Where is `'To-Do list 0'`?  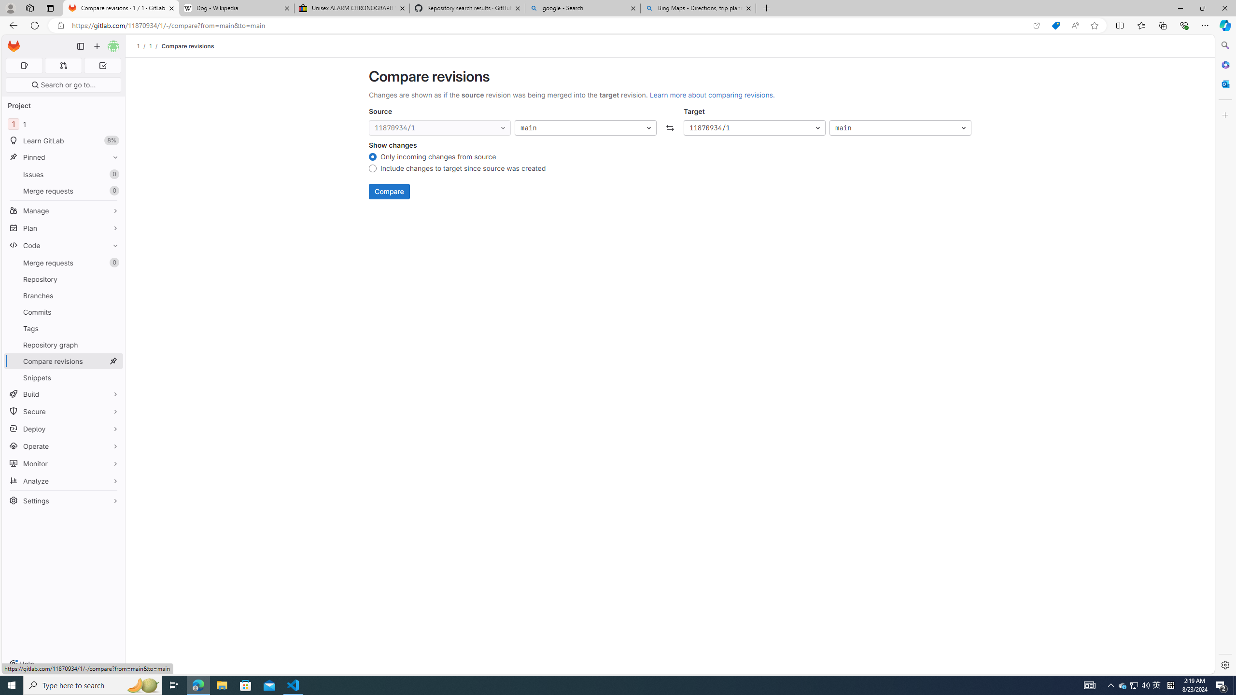
'To-Do list 0' is located at coordinates (102, 65).